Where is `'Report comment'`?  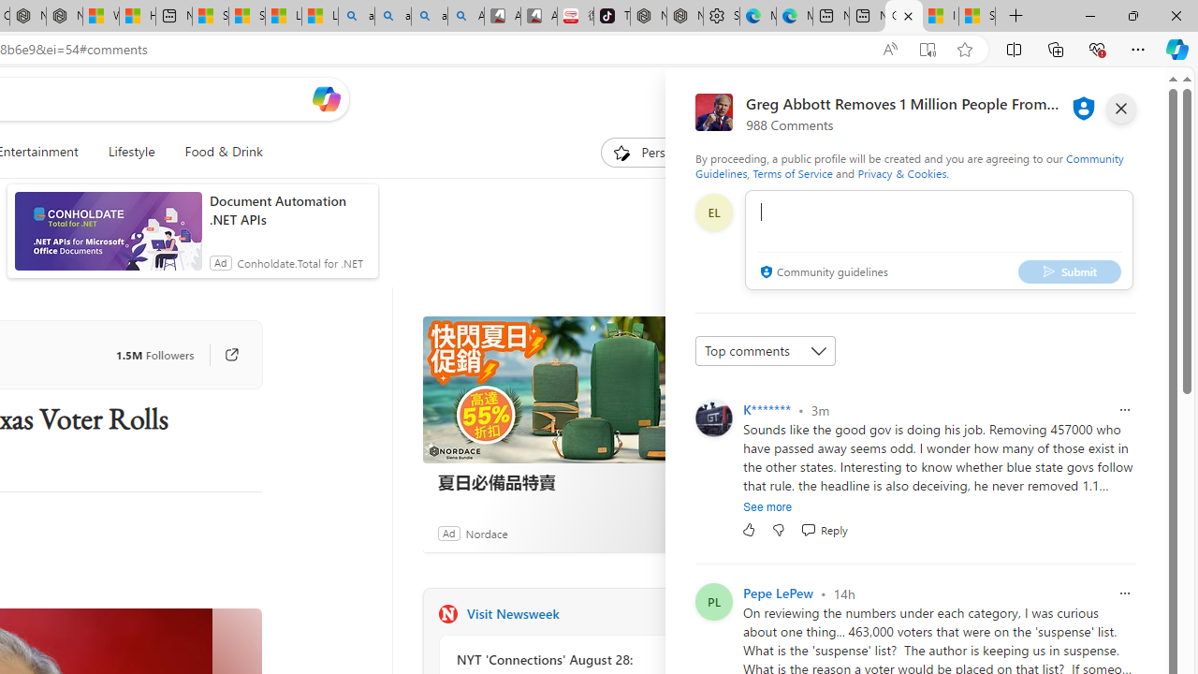 'Report comment' is located at coordinates (1123, 593).